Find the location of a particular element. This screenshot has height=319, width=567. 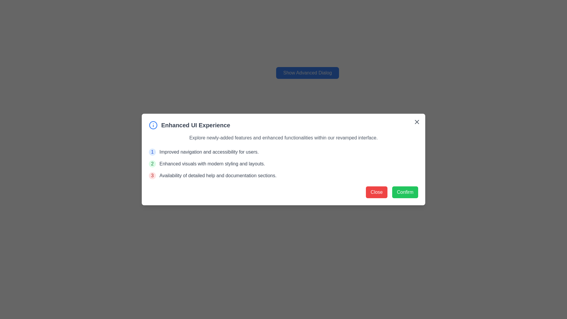

the close button located at the bottom-right corner of the modal dialog is located at coordinates (376, 192).